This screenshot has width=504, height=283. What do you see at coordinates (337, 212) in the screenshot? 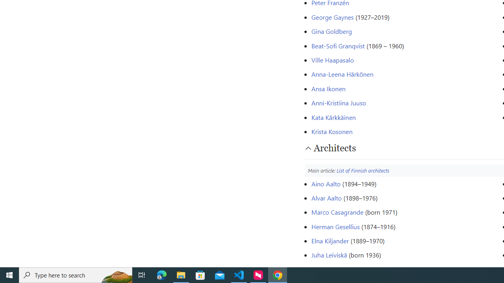
I see `'Marco Casagrande'` at bounding box center [337, 212].